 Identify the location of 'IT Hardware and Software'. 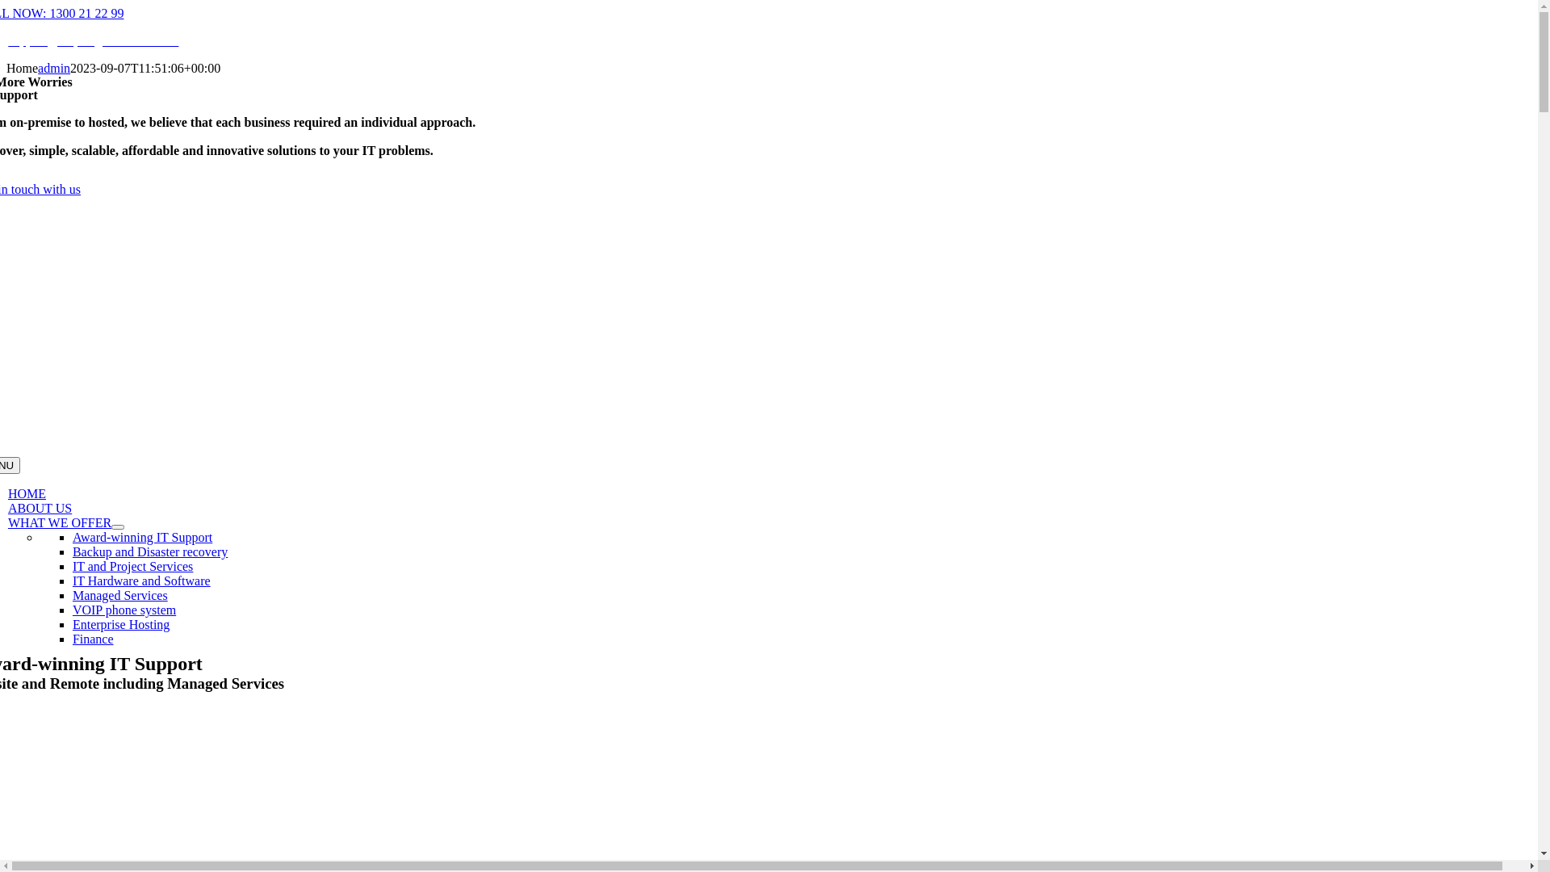
(141, 580).